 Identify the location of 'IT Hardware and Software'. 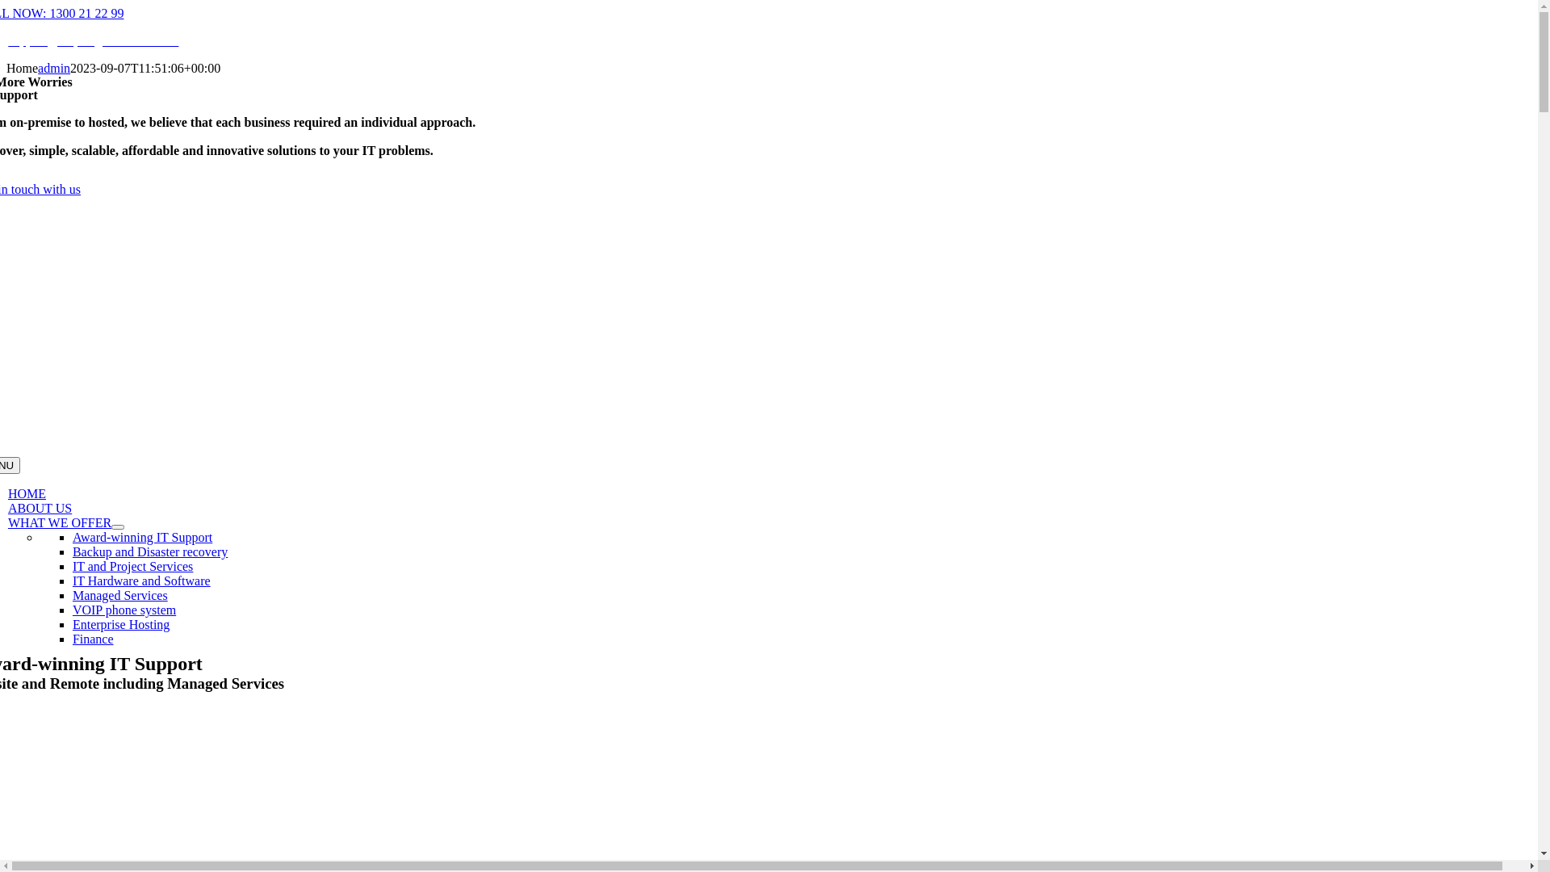
(141, 580).